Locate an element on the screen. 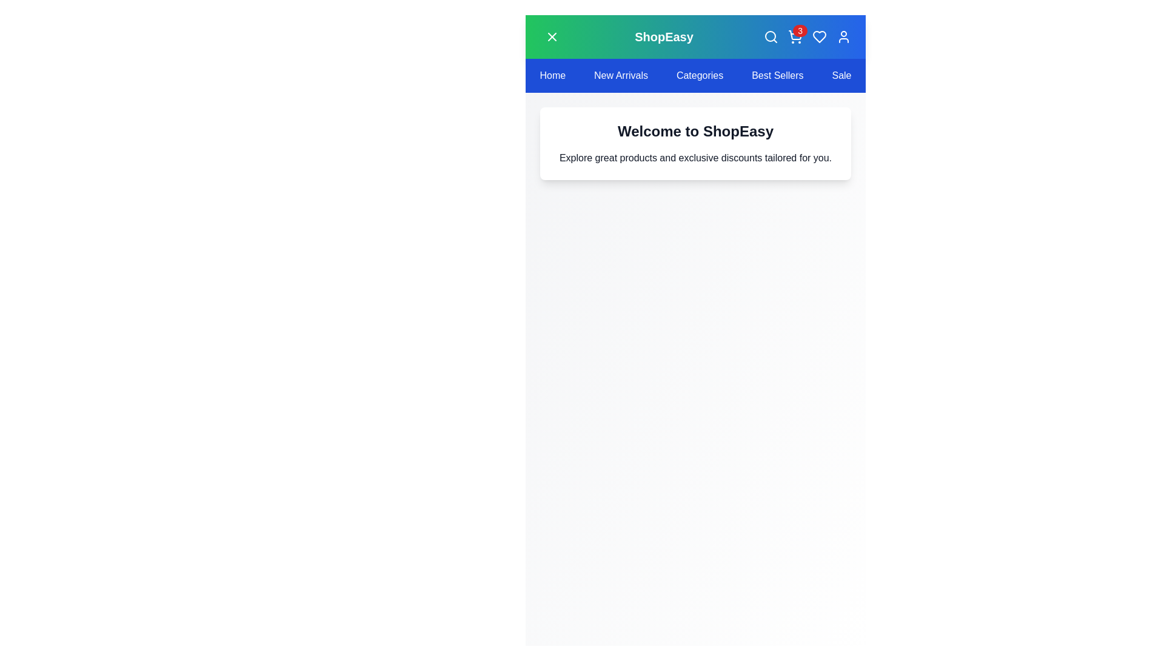 The height and width of the screenshot is (655, 1164). the navbar item labeled 'Sale' to navigate to the corresponding section is located at coordinates (841, 75).